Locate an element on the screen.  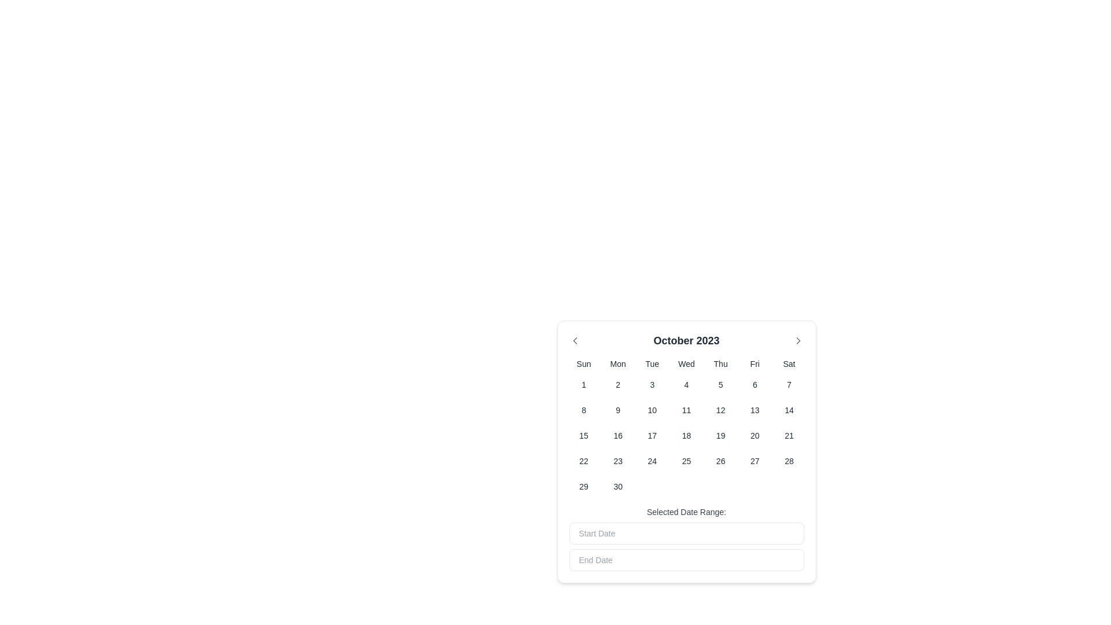
text label displaying 'Sun' in dark gray color, located in the first column of a calendar grid layout, representing Sunday is located at coordinates (584, 363).